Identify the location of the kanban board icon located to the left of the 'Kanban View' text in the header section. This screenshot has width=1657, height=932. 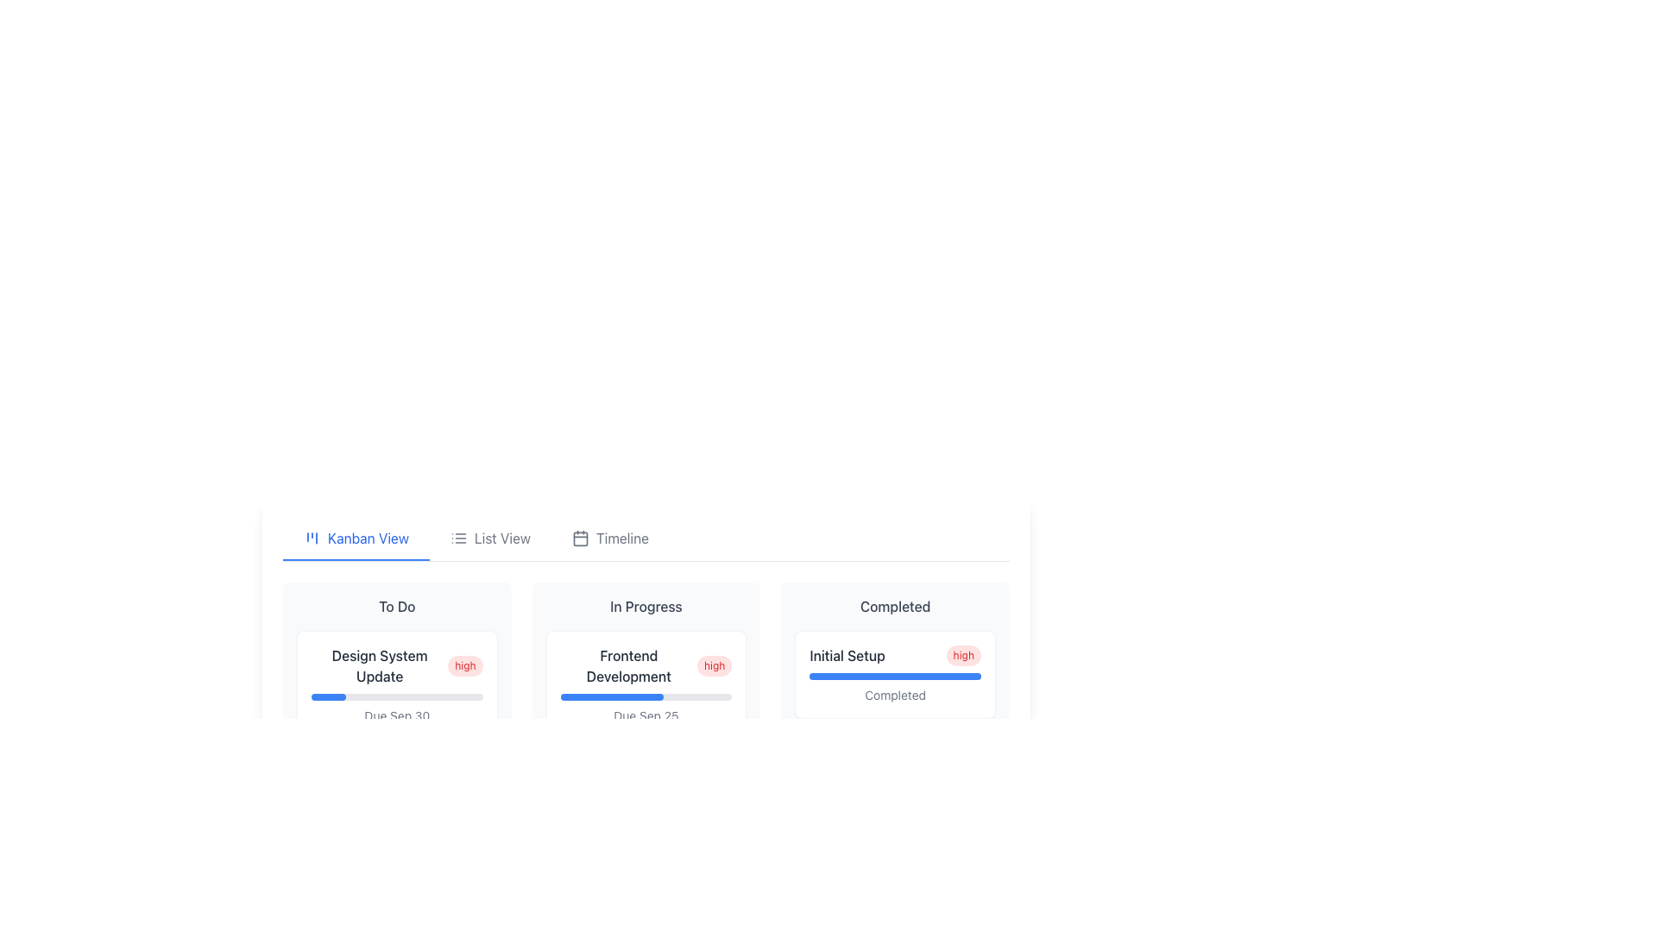
(312, 538).